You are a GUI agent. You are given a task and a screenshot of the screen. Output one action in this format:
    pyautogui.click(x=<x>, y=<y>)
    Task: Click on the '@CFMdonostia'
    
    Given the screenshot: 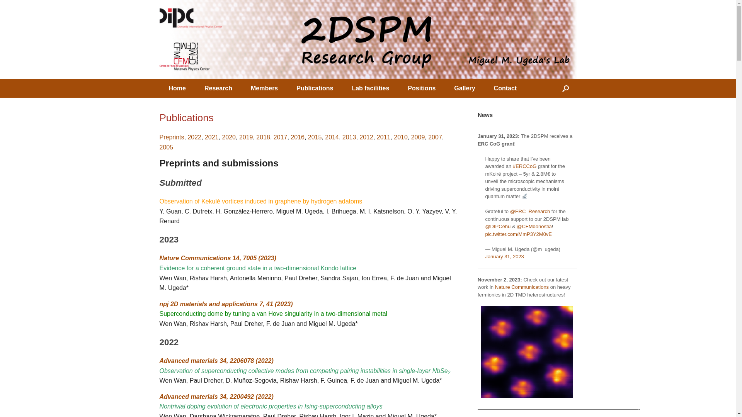 What is the action you would take?
    pyautogui.click(x=534, y=226)
    